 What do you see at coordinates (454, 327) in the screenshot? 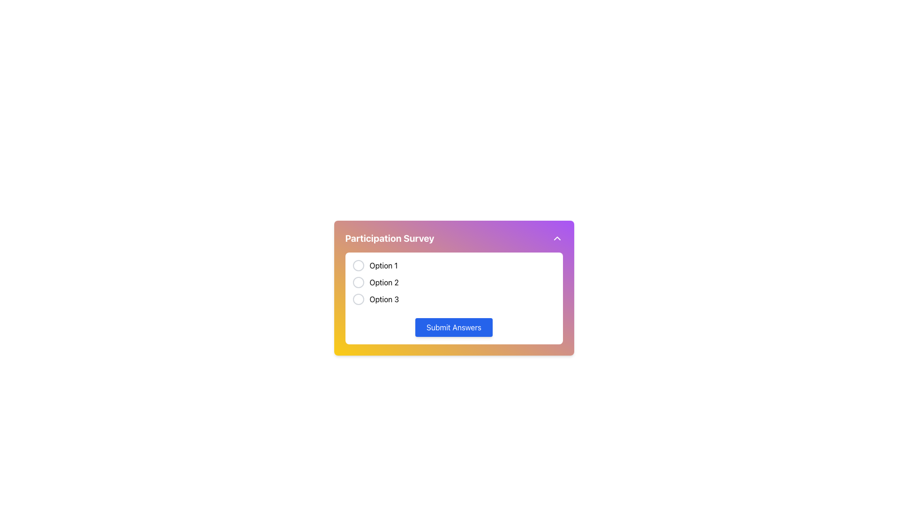
I see `the 'Submit Answers' button located at the bottom of the 'Participation Survey' section` at bounding box center [454, 327].